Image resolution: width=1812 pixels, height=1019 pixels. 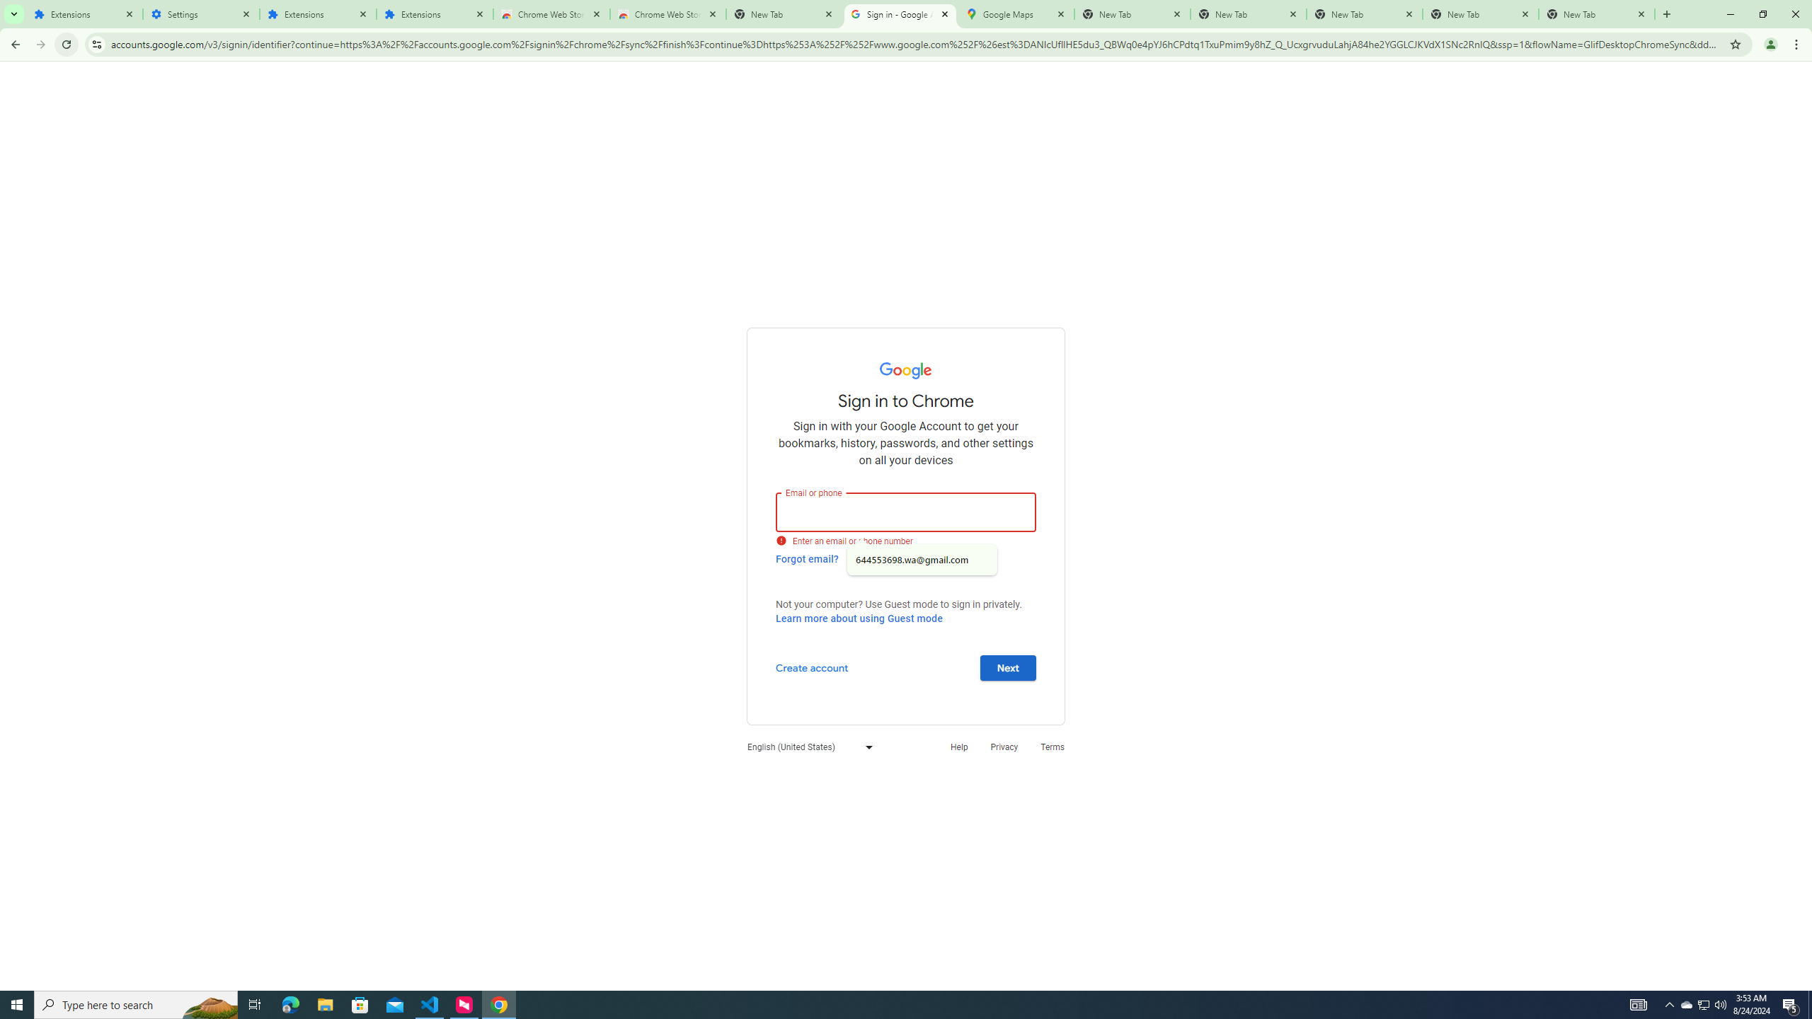 I want to click on 'Extensions', so click(x=317, y=13).